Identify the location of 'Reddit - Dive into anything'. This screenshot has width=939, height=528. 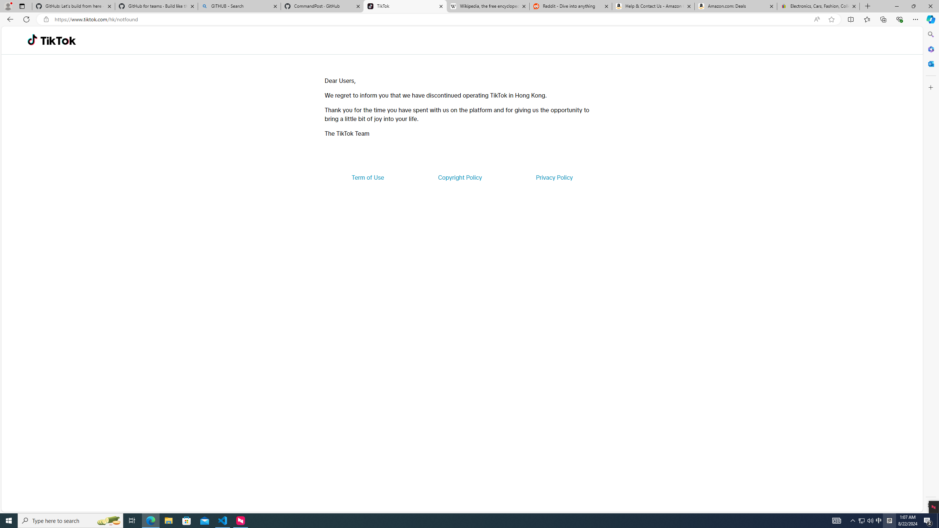
(571, 6).